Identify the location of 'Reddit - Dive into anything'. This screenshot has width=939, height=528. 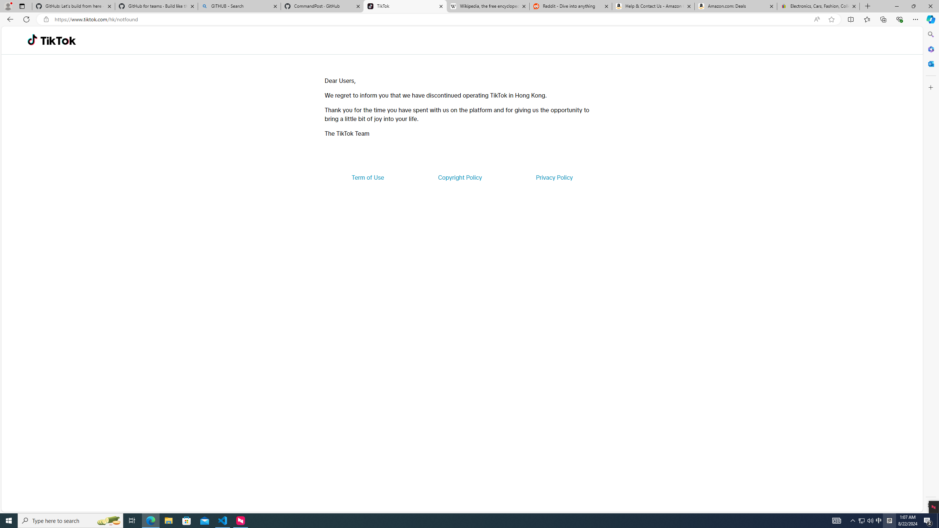
(571, 6).